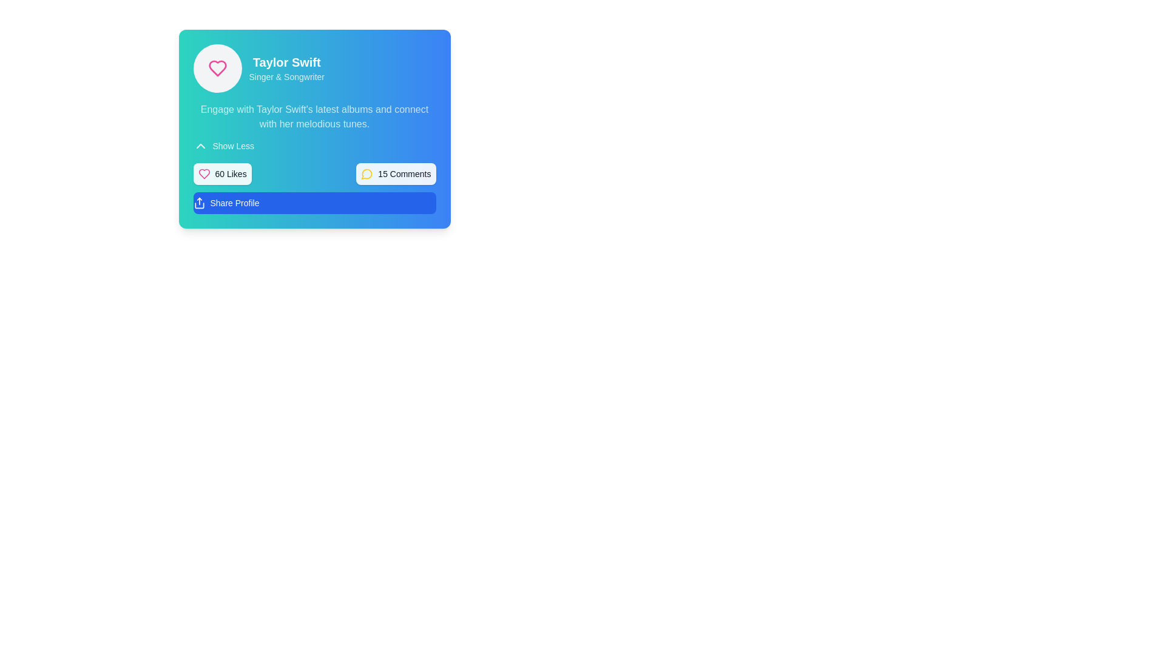 Image resolution: width=1165 pixels, height=655 pixels. Describe the element at coordinates (314, 68) in the screenshot. I see `the text 'Taylor Swift' and 'Singer & Songwriter' in the Text Label with Supporting Icon, which features a heart symbol icon on the left` at that location.